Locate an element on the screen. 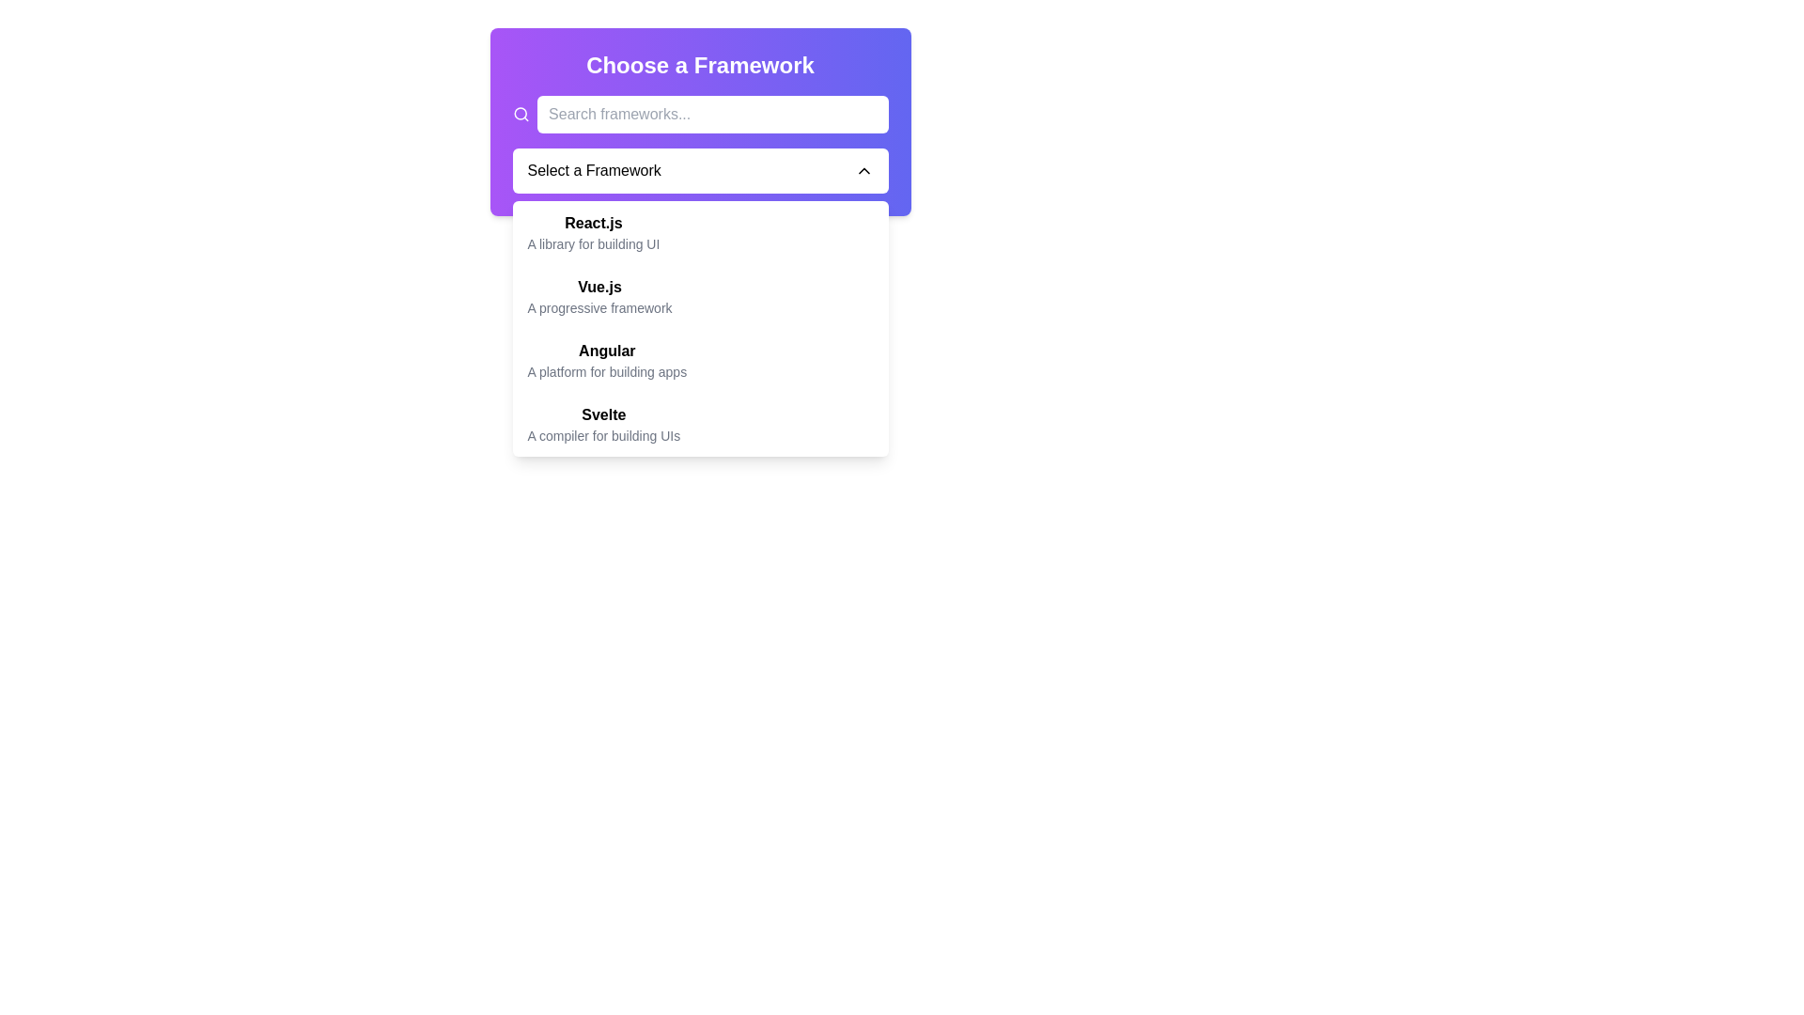  the second selectable list item titled 'Vue.js' in the dropdown menu labeled 'Select a Framework' is located at coordinates (599, 296).